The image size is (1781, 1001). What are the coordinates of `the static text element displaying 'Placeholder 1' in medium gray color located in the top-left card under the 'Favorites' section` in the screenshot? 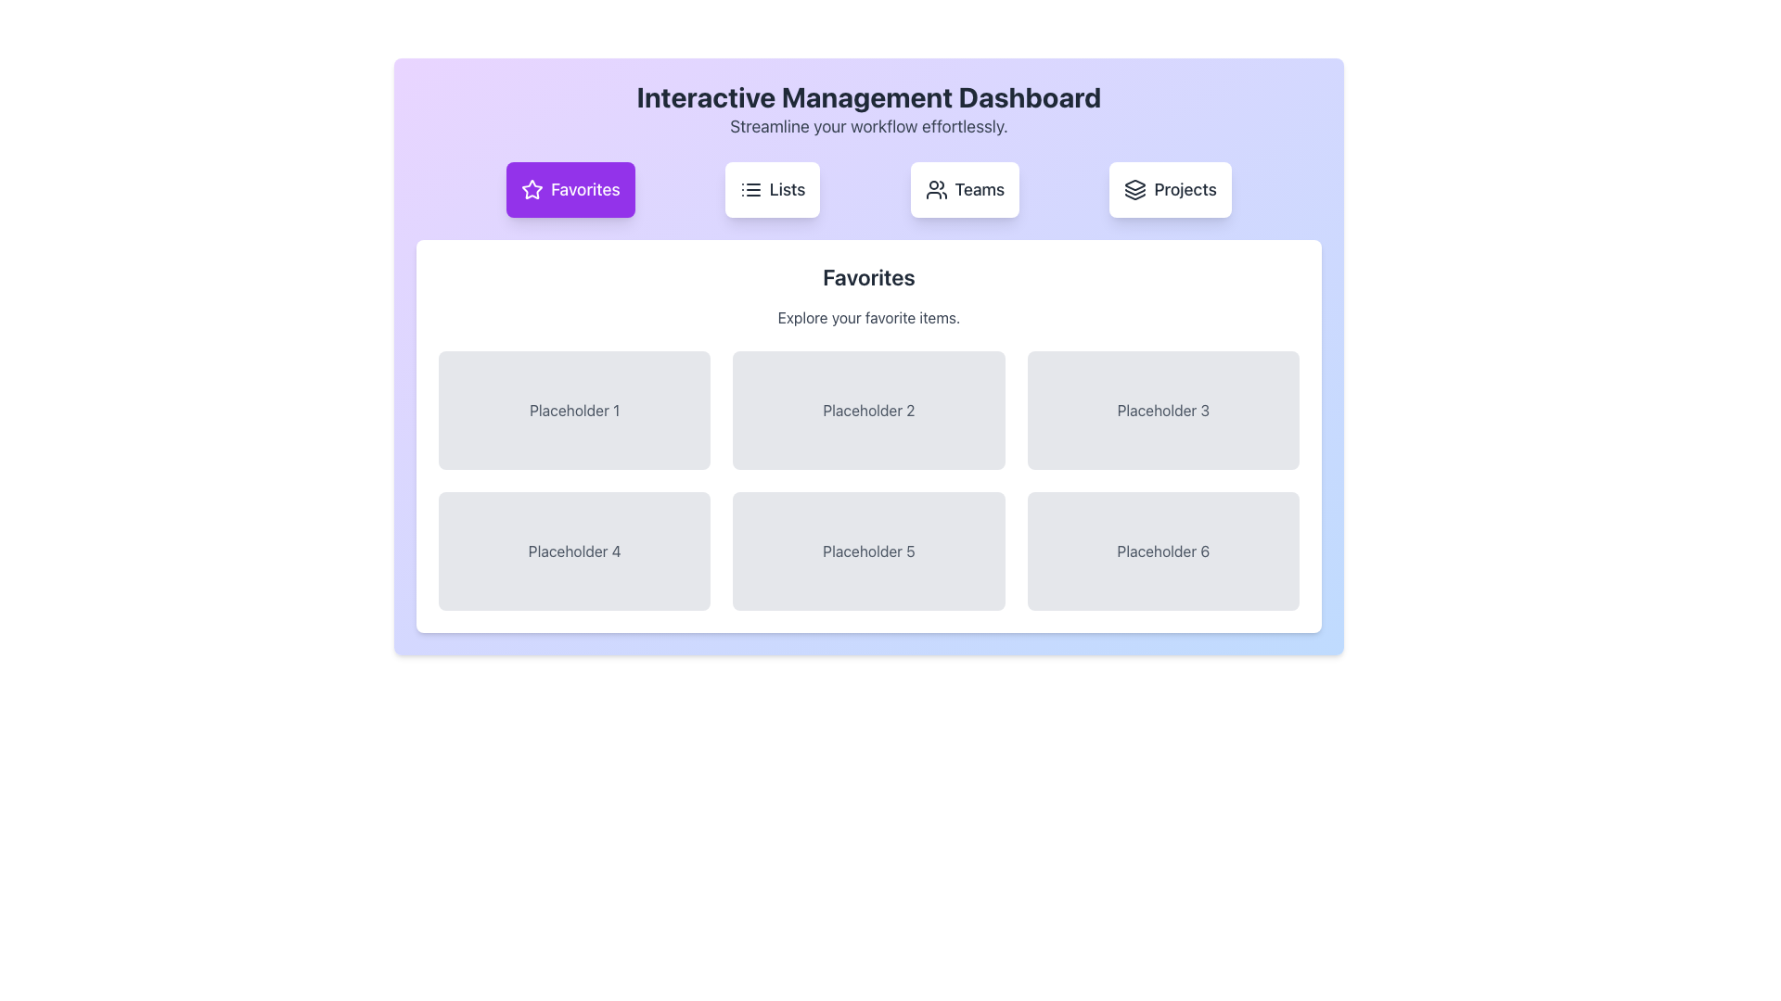 It's located at (573, 410).